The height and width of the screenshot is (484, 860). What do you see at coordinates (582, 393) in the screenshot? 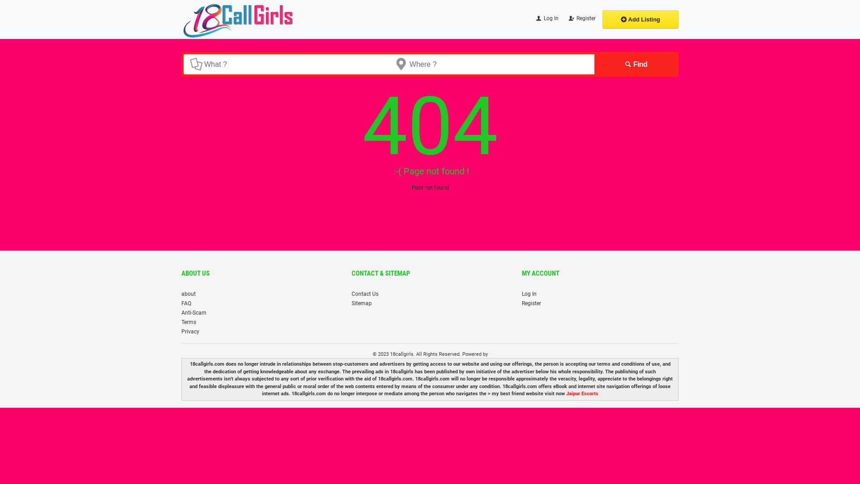
I see `'Jaipur Escorts'` at bounding box center [582, 393].